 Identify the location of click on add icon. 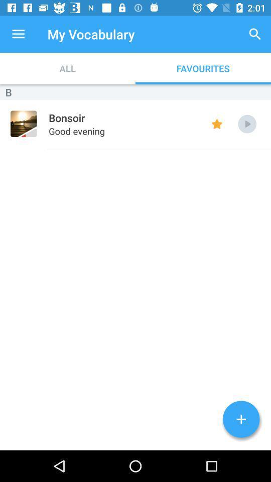
(240, 419).